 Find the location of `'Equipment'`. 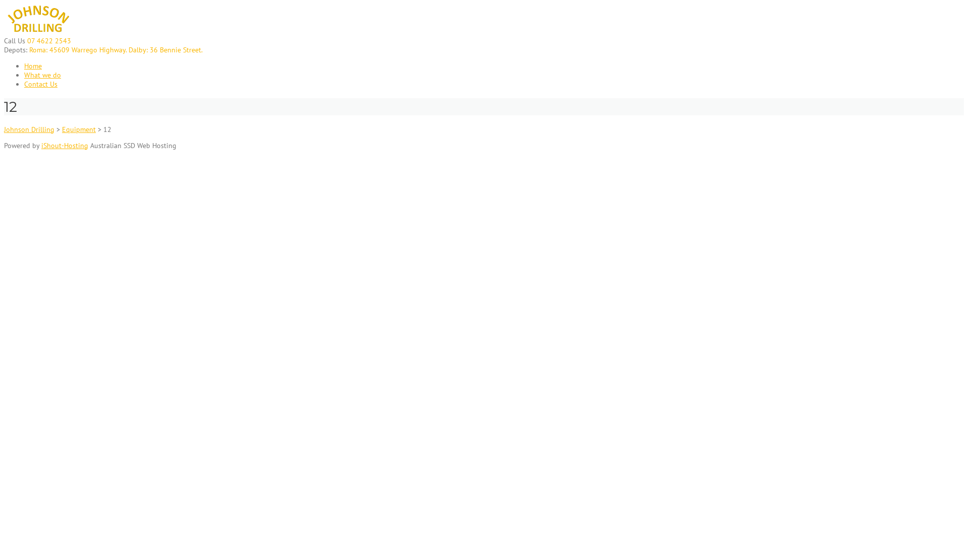

'Equipment' is located at coordinates (62, 129).